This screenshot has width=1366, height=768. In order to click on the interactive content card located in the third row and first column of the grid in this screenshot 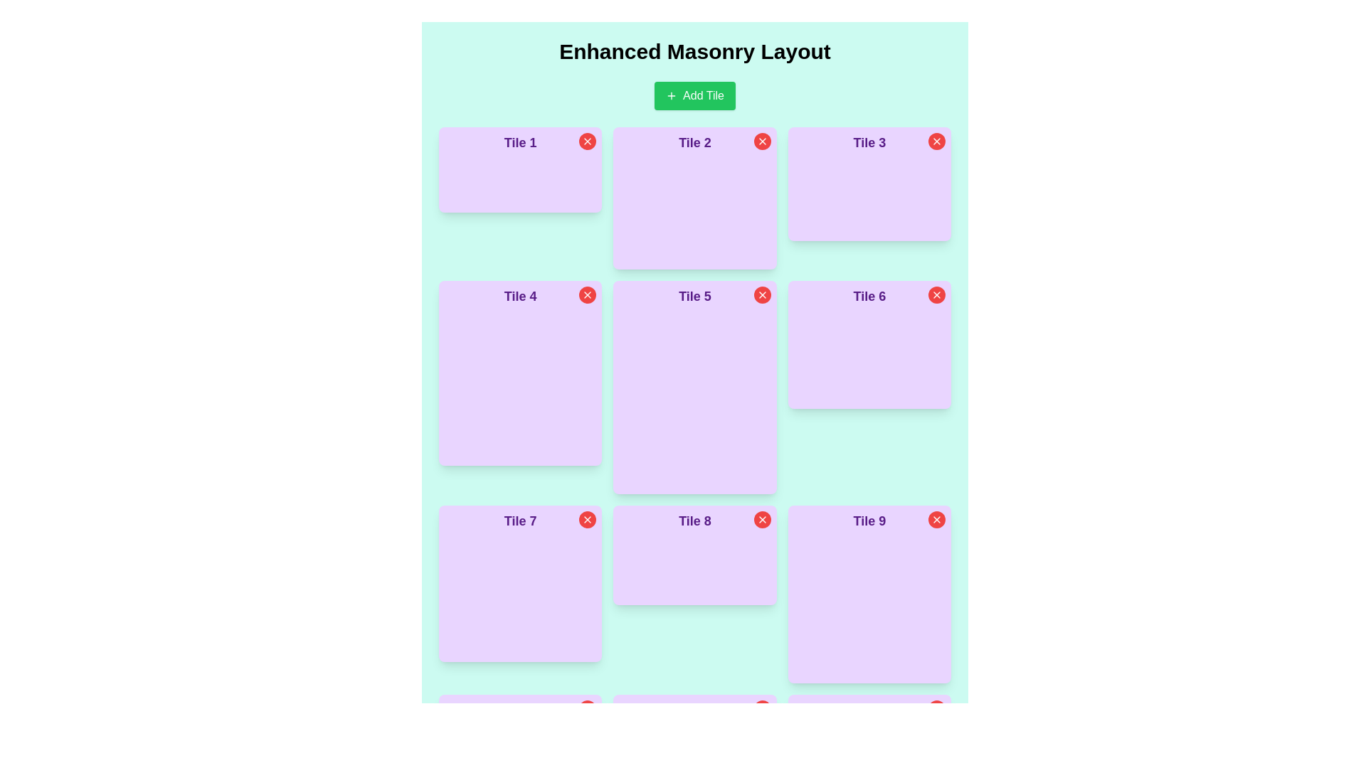, I will do `click(519, 584)`.